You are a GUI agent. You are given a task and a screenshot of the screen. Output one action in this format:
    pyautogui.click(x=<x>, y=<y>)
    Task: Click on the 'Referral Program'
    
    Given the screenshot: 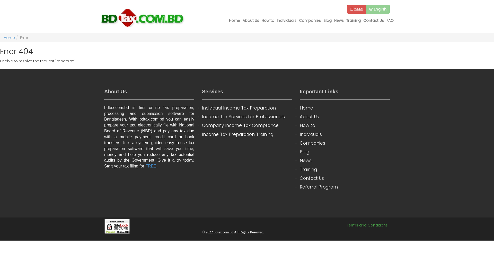 What is the action you would take?
    pyautogui.click(x=300, y=187)
    